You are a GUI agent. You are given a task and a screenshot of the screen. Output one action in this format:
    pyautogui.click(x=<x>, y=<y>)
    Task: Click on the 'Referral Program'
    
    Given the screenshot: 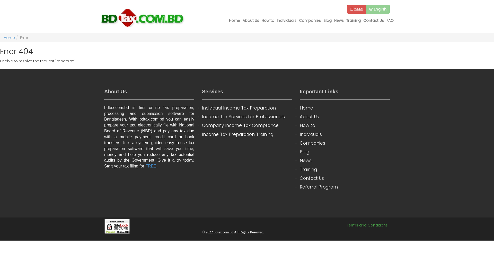 What is the action you would take?
    pyautogui.click(x=300, y=187)
    